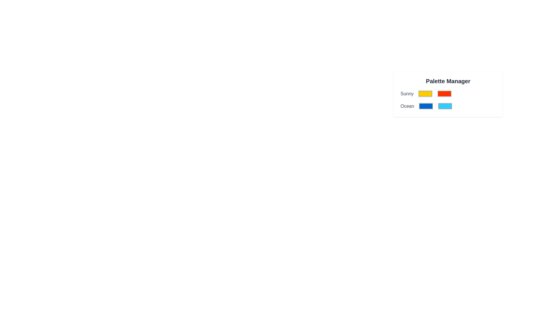 The image size is (556, 312). What do you see at coordinates (445, 106) in the screenshot?
I see `the second color box labeled 'Ocean'` at bounding box center [445, 106].